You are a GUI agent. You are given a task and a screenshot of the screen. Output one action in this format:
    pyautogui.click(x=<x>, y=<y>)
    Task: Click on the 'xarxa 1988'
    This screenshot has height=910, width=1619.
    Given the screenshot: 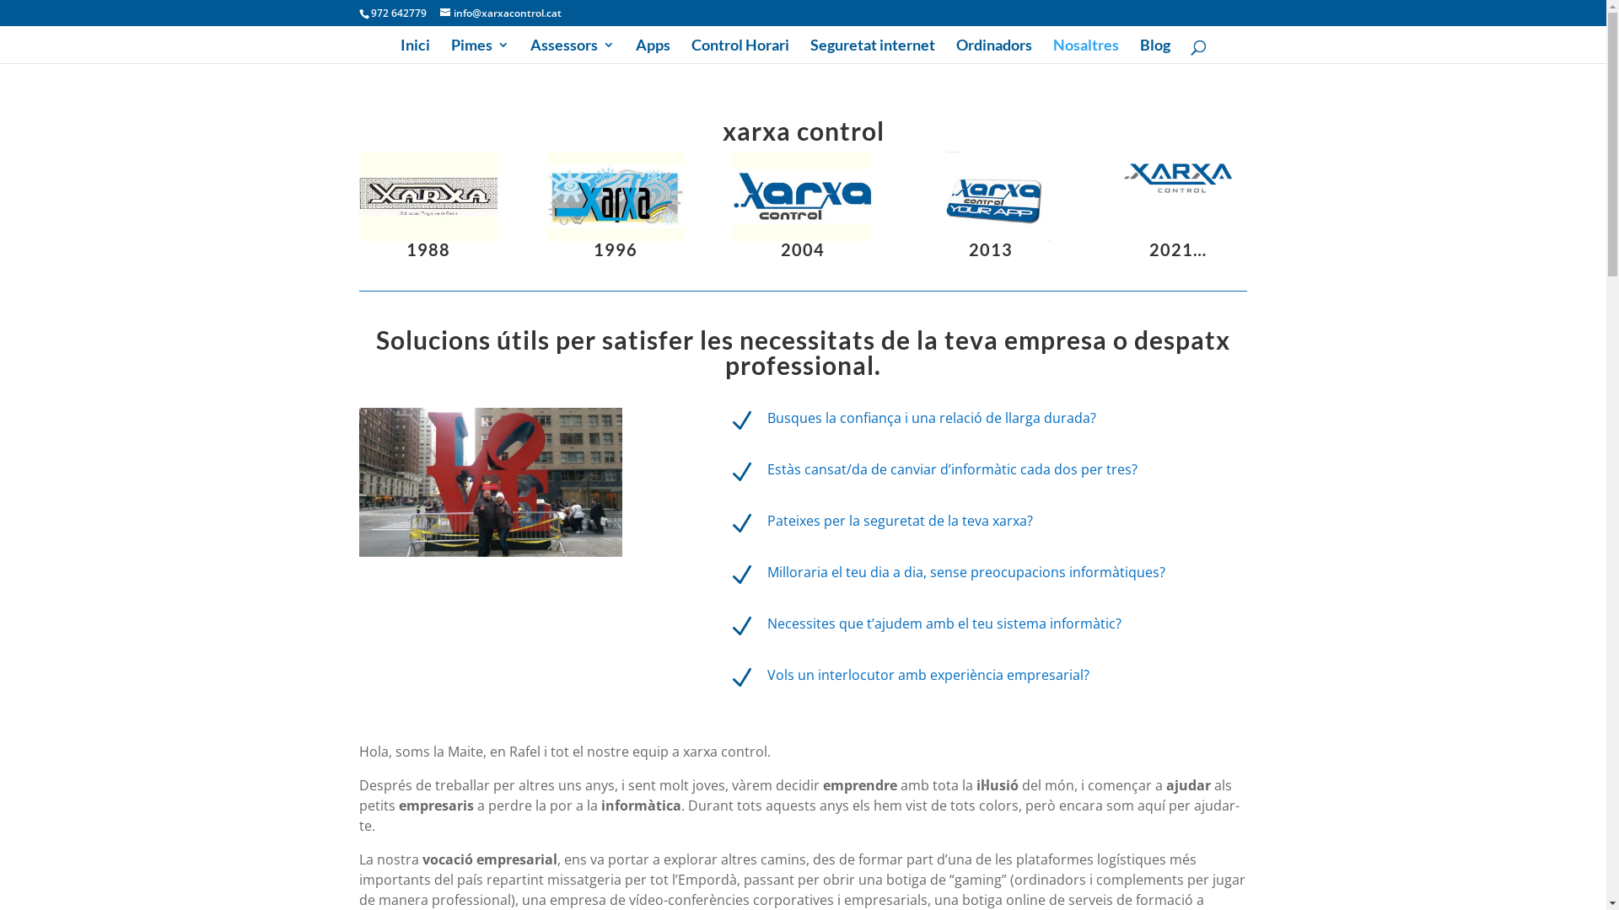 What is the action you would take?
    pyautogui.click(x=428, y=195)
    